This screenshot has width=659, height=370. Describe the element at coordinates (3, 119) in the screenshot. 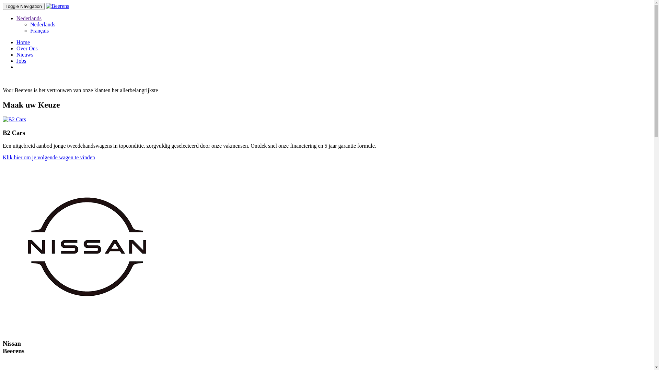

I see `'B2 Cars'` at that location.